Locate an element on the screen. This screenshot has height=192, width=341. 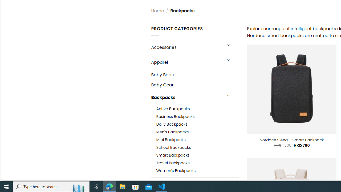
'Men' is located at coordinates (172, 132).